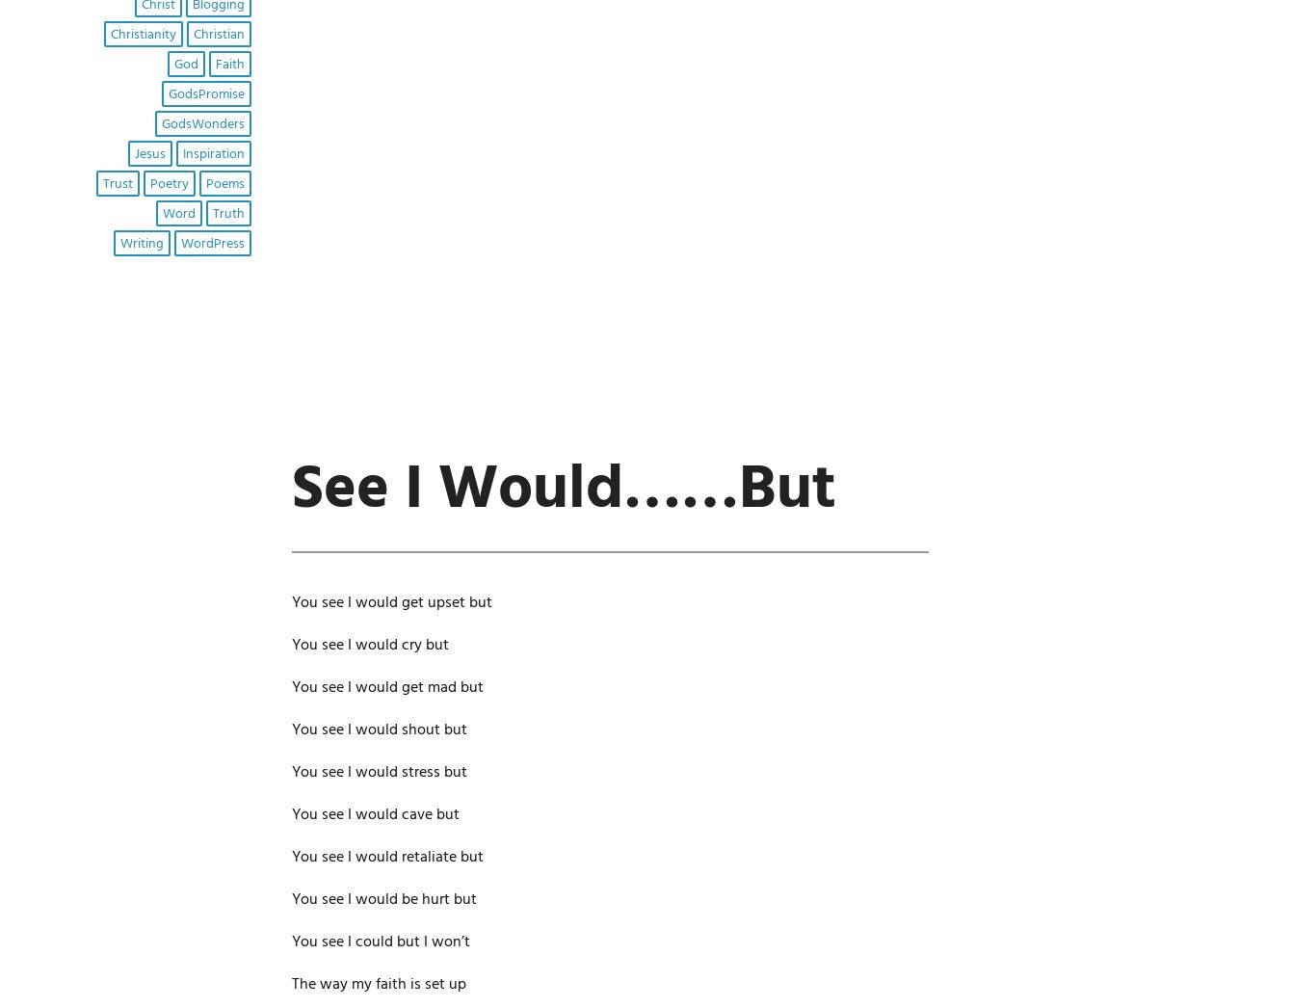 The image size is (1291, 1008). Describe the element at coordinates (379, 772) in the screenshot. I see `'You see I would stress but'` at that location.